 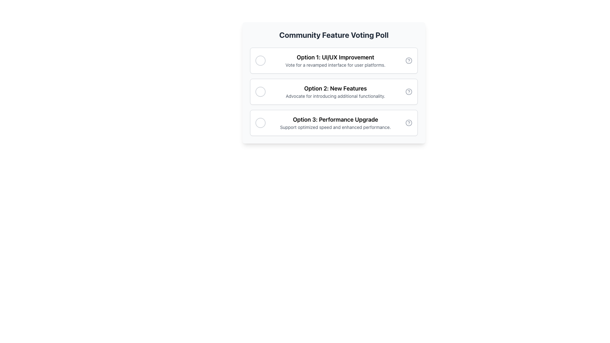 What do you see at coordinates (335, 65) in the screenshot?
I see `the text label displaying 'Vote for a revamped interface for user platforms.' which is located below the header 'Option 1: UI/UX Improvement.'` at bounding box center [335, 65].